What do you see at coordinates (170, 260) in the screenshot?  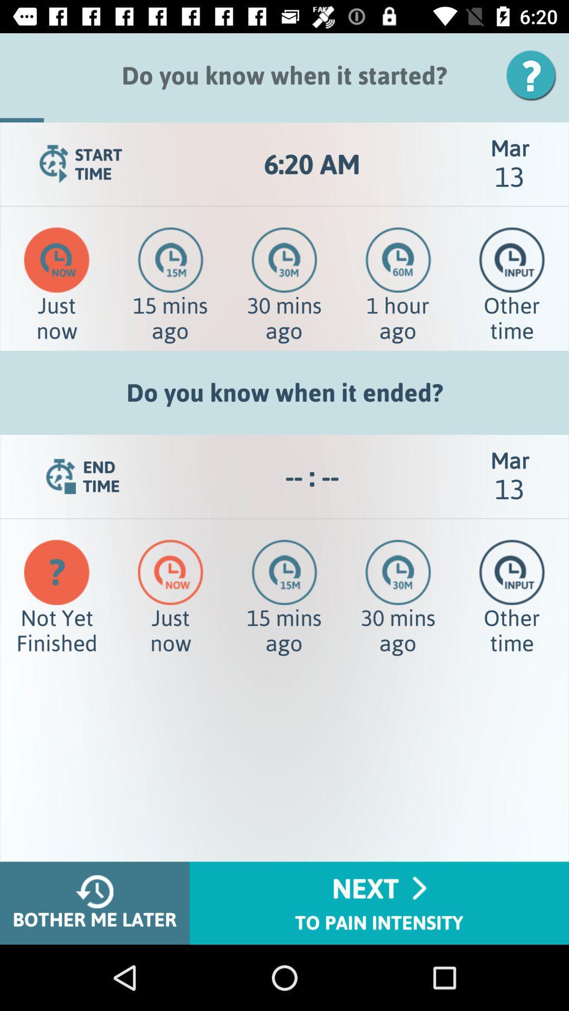 I see `the time icon` at bounding box center [170, 260].